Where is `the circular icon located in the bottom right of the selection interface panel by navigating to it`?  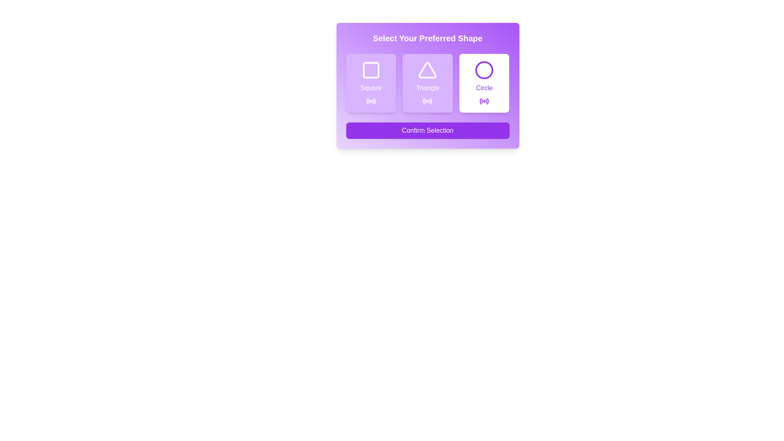
the circular icon located in the bottom right of the selection interface panel by navigating to it is located at coordinates (484, 70).